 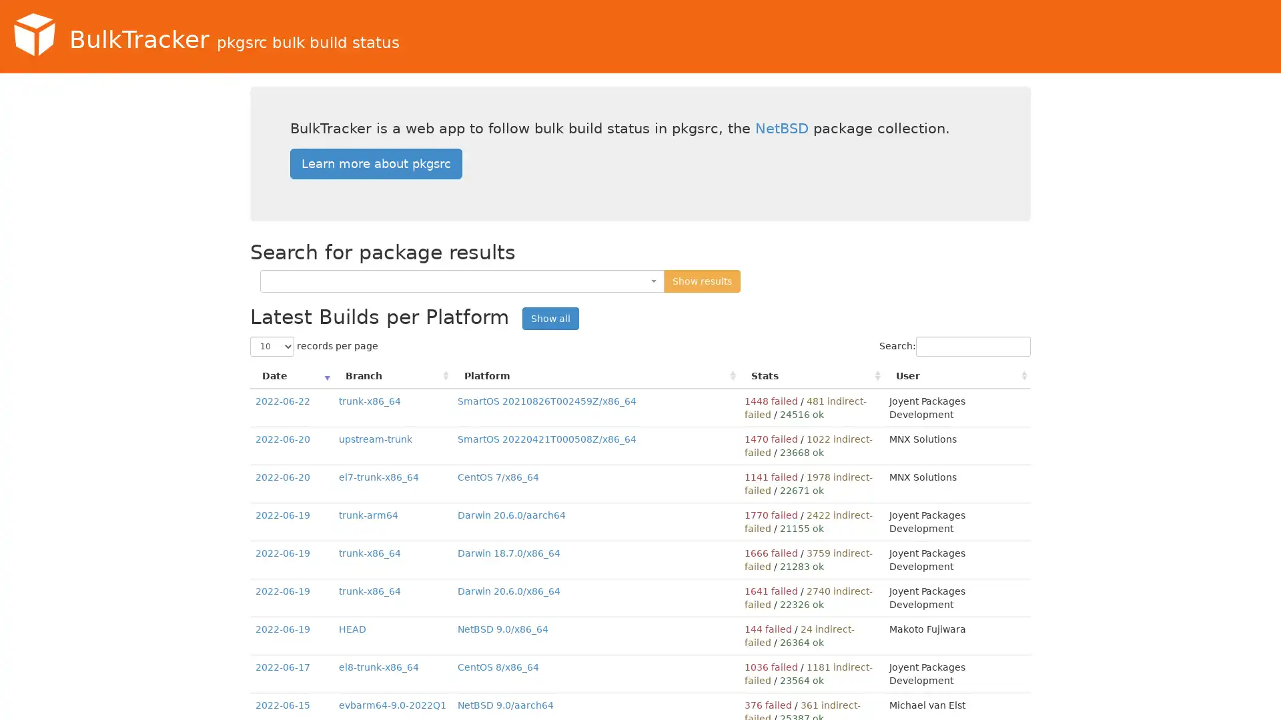 I want to click on Show results, so click(x=701, y=279).